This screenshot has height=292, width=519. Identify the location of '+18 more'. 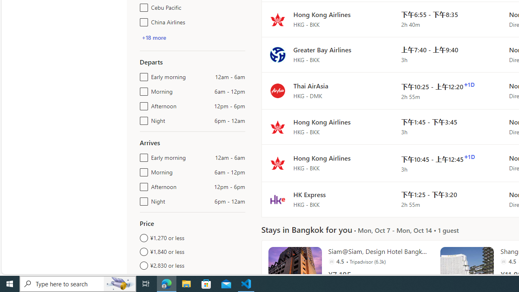
(154, 37).